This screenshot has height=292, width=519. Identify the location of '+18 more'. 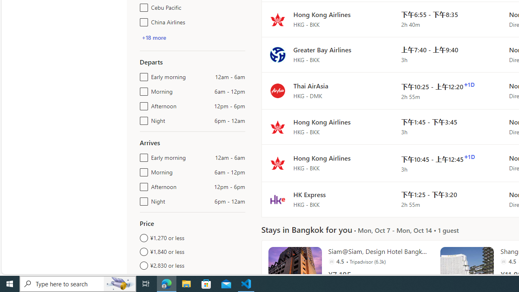
(154, 37).